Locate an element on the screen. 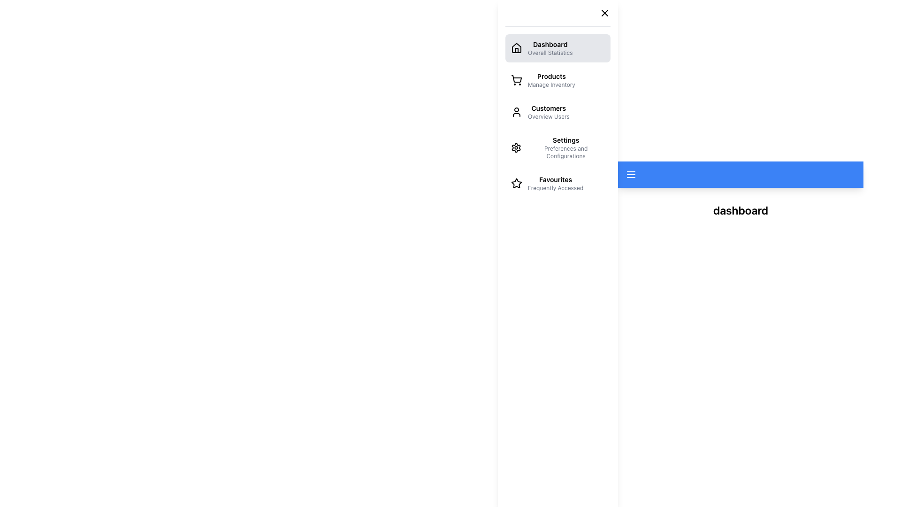 This screenshot has width=901, height=507. the 'Products' label located in the sidebar navigation menu is located at coordinates (551, 76).